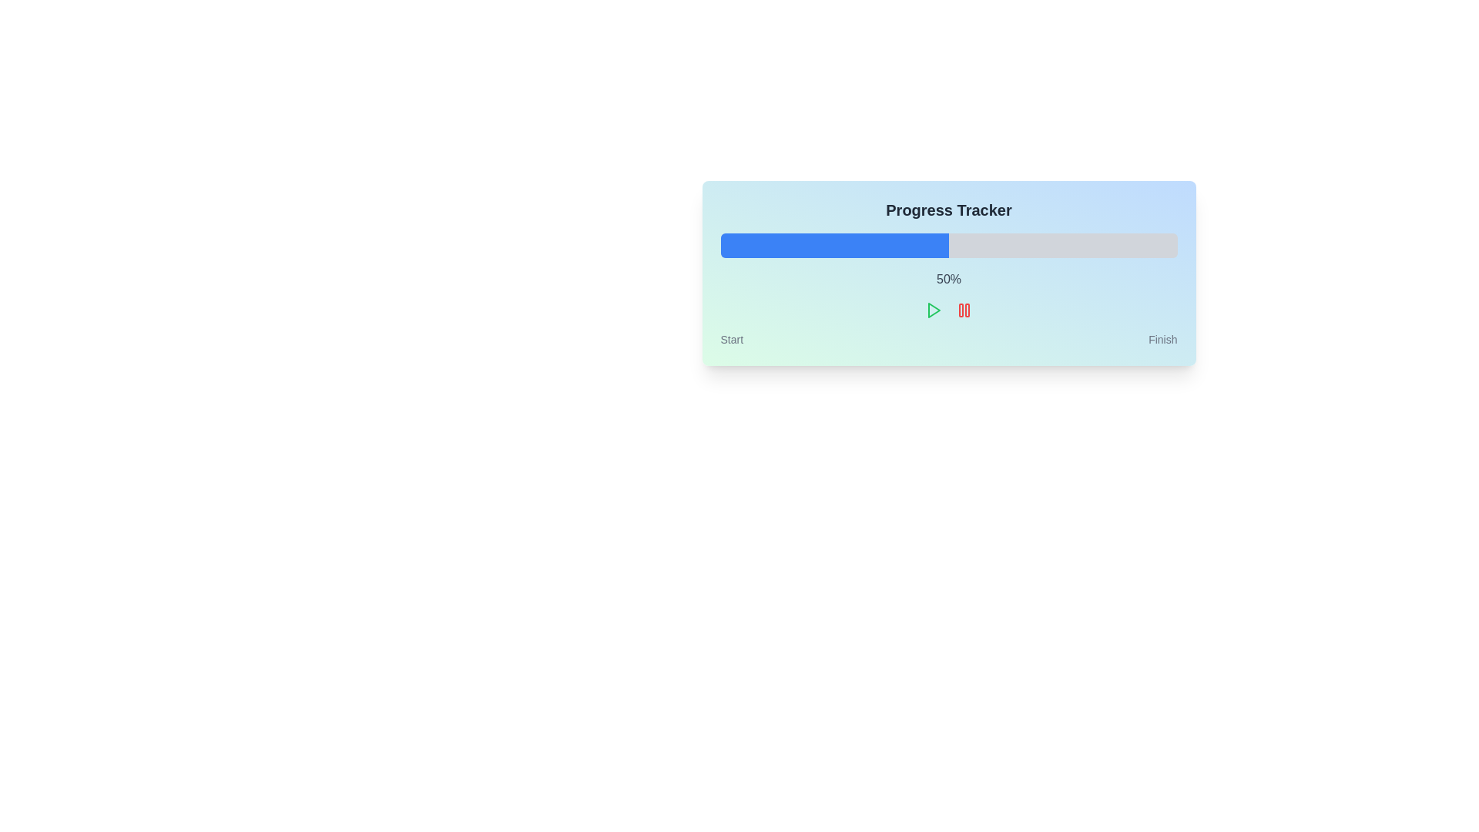 The height and width of the screenshot is (832, 1479). What do you see at coordinates (934, 310) in the screenshot?
I see `the green play icon shaped as a right-pointing triangle located within the progress tracker interface` at bounding box center [934, 310].